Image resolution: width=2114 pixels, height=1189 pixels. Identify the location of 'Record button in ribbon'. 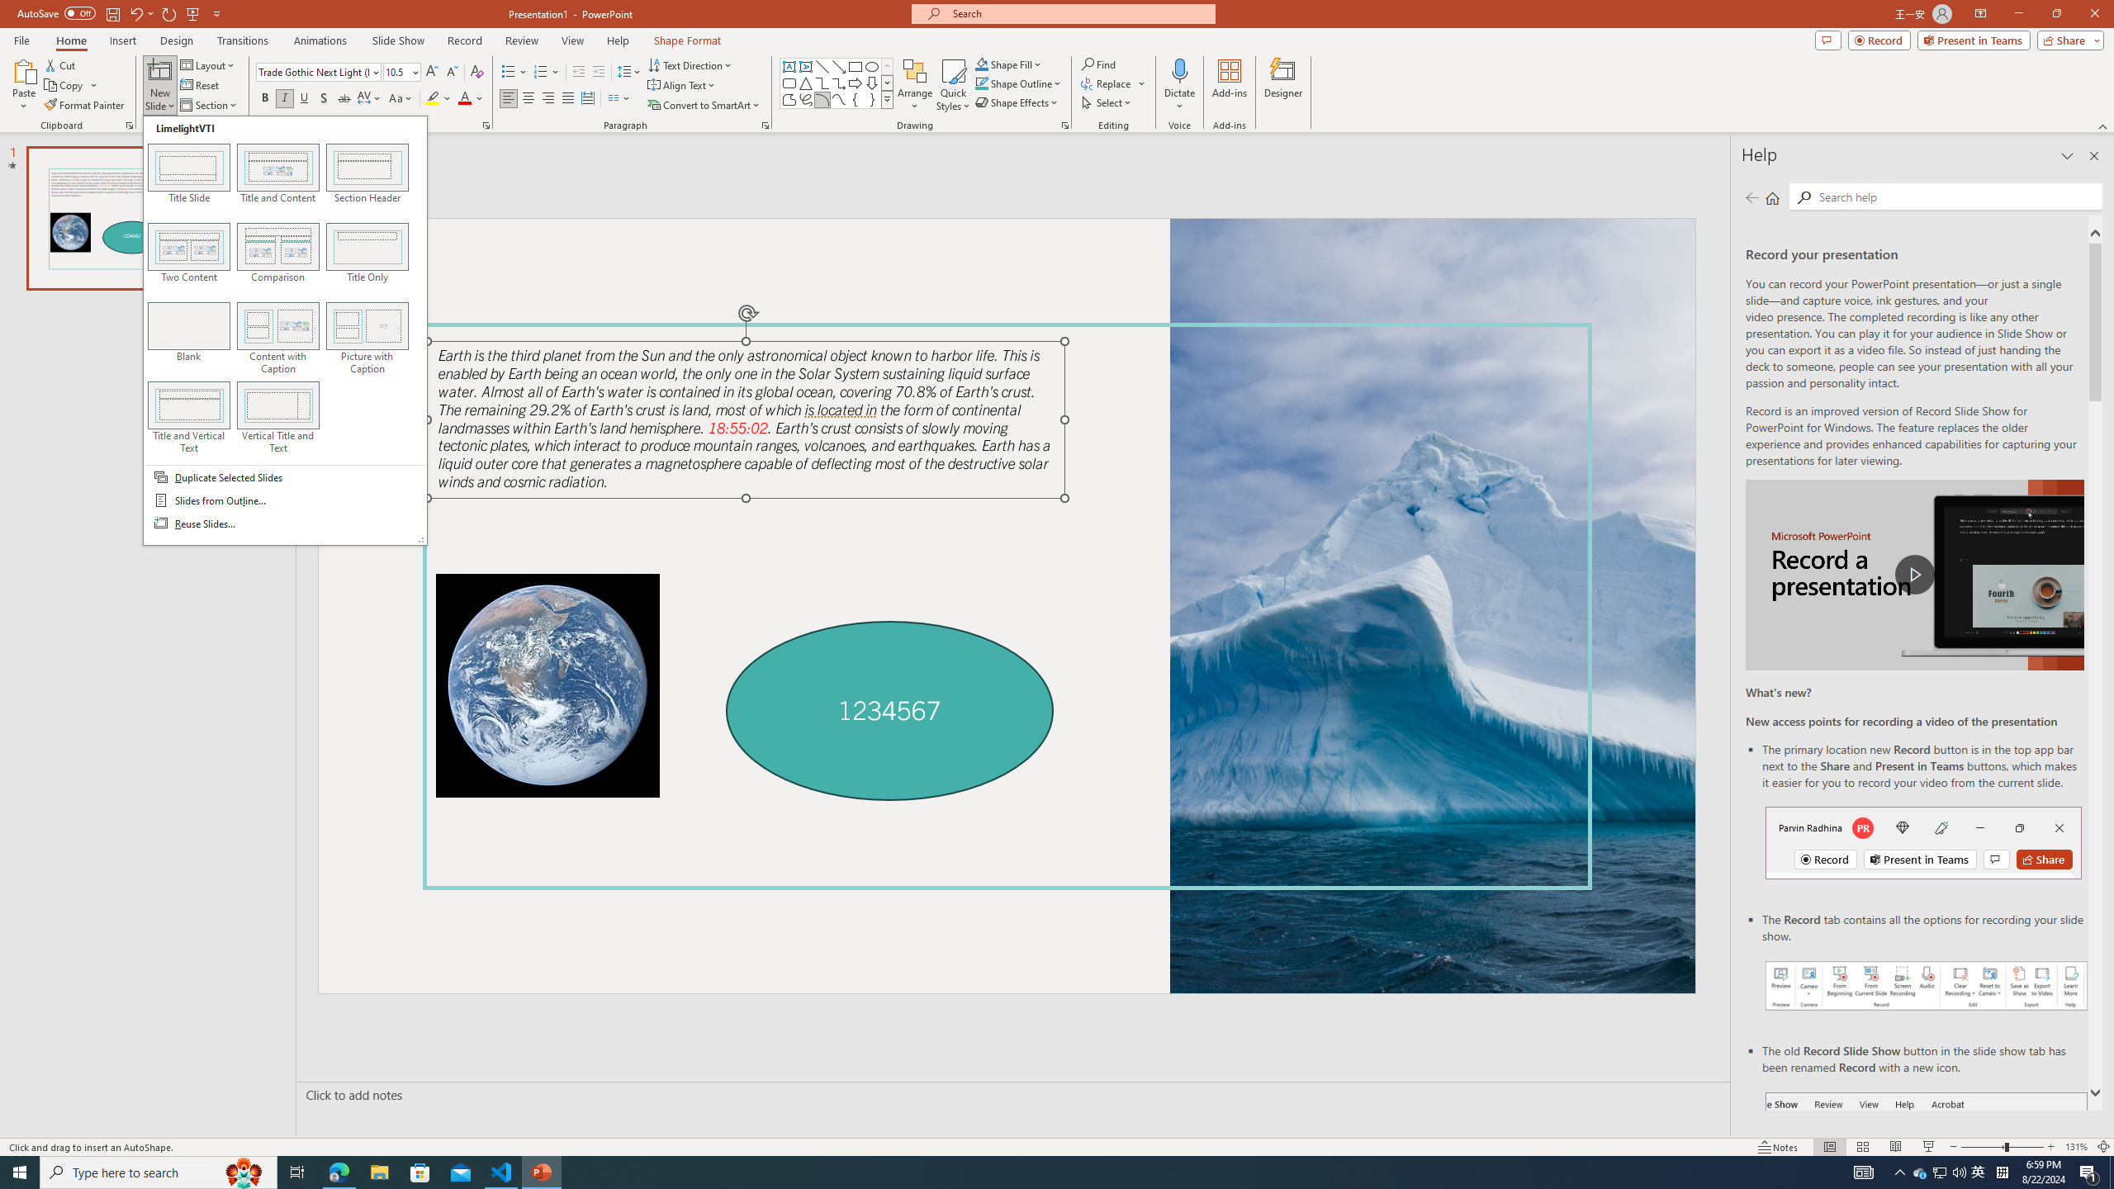
(1926, 1174).